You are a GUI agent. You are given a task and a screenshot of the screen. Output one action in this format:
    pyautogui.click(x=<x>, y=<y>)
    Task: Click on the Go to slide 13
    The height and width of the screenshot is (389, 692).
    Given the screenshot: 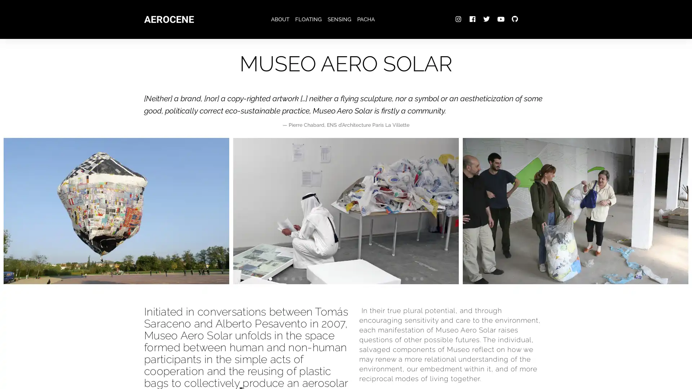 What is the action you would take?
    pyautogui.click(x=361, y=278)
    